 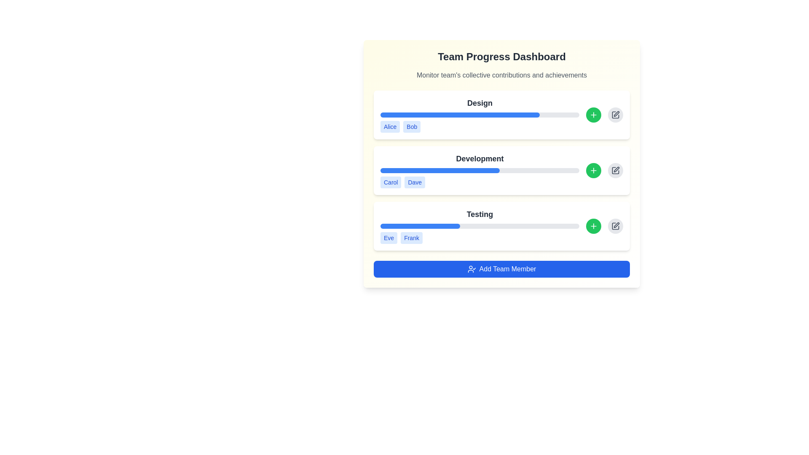 I want to click on the button located to the far right within the 'Development' section to trigger a tooltip, so click(x=615, y=171).